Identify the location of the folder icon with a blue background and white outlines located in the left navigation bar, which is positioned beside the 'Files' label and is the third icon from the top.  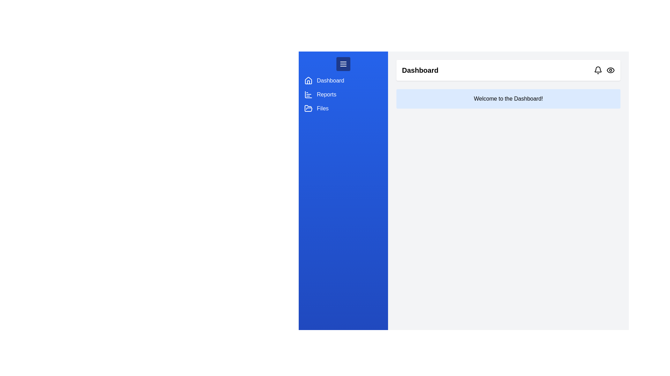
(308, 109).